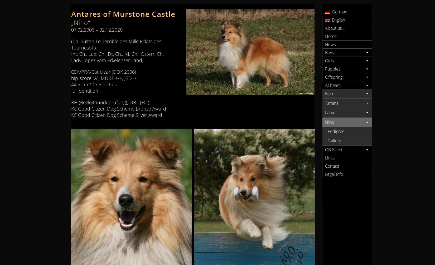  What do you see at coordinates (334, 141) in the screenshot?
I see `'Gallery'` at bounding box center [334, 141].